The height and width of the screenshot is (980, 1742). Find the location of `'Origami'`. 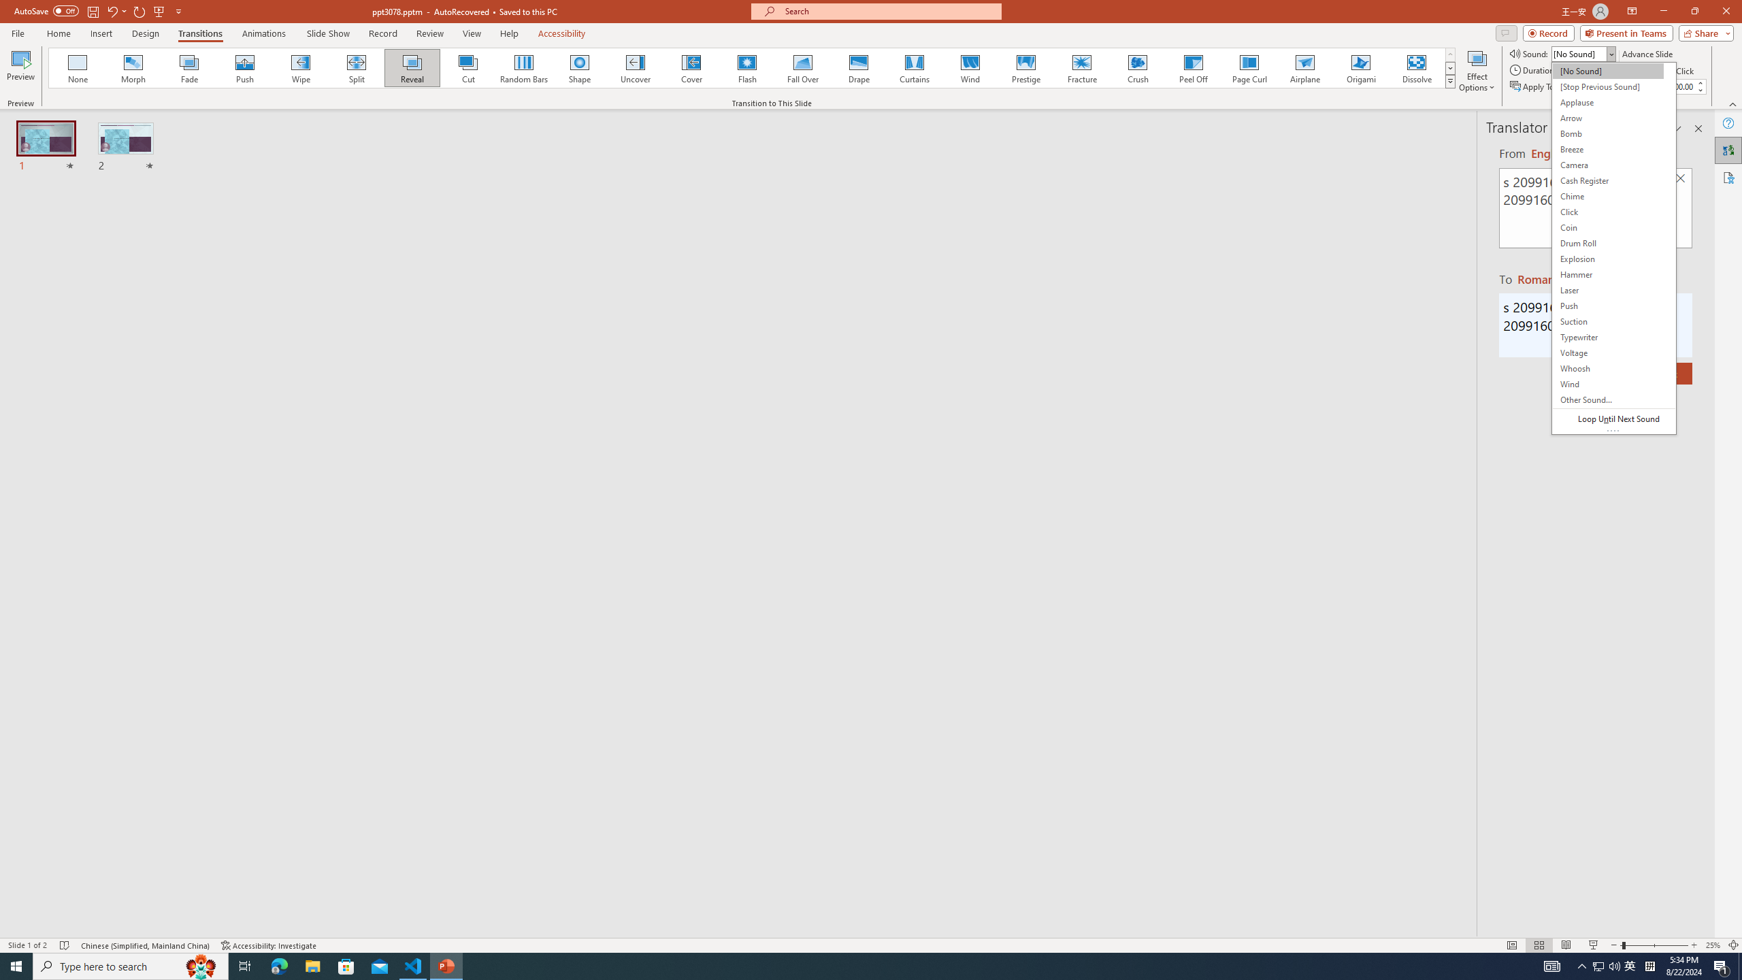

'Origami' is located at coordinates (1360, 67).